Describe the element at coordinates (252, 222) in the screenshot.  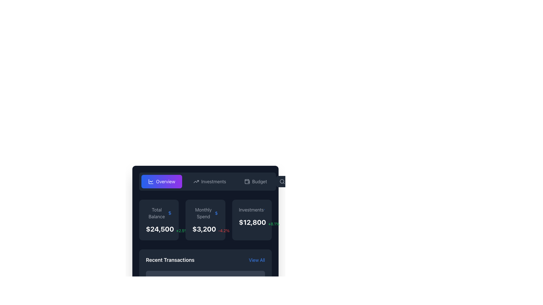
I see `the text element displaying '$12,800' in a bold, large font on the 'Investments' card` at that location.